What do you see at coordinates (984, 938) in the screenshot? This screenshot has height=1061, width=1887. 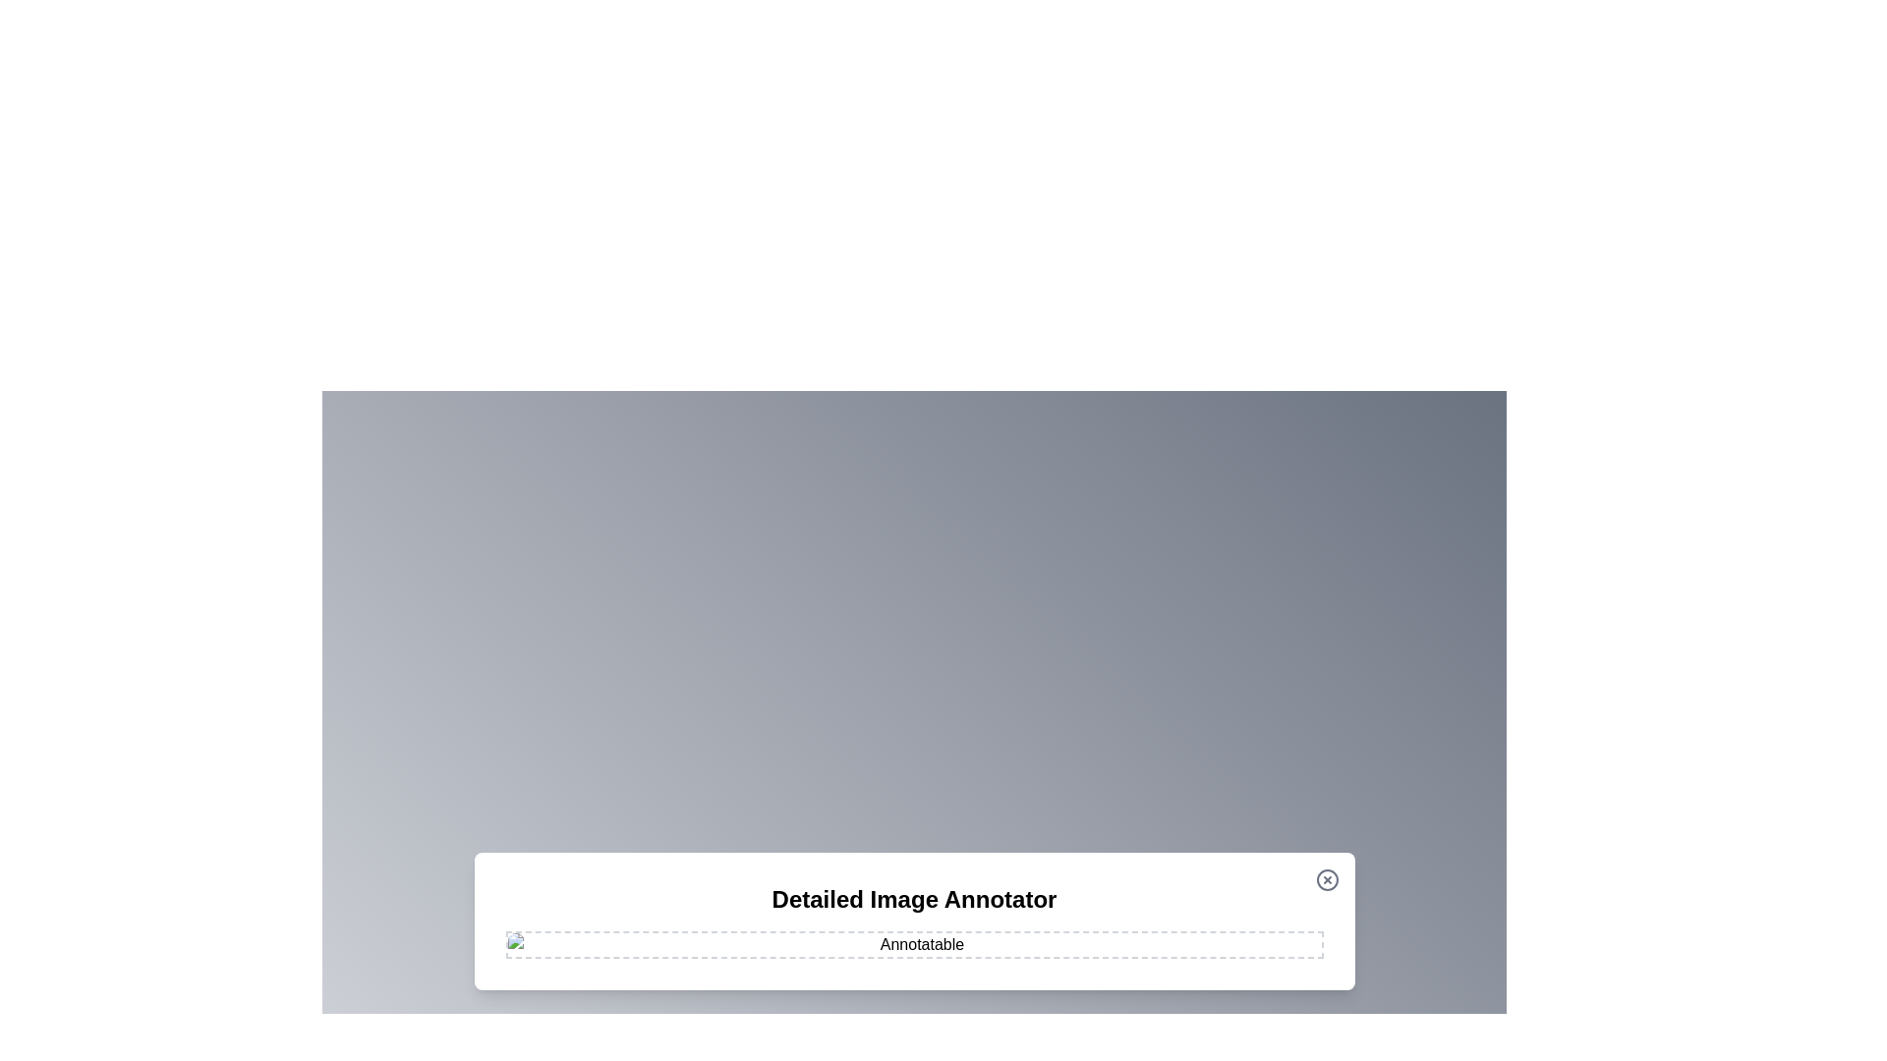 I see `the image at coordinates (1001, 957) to add an annotation` at bounding box center [984, 938].